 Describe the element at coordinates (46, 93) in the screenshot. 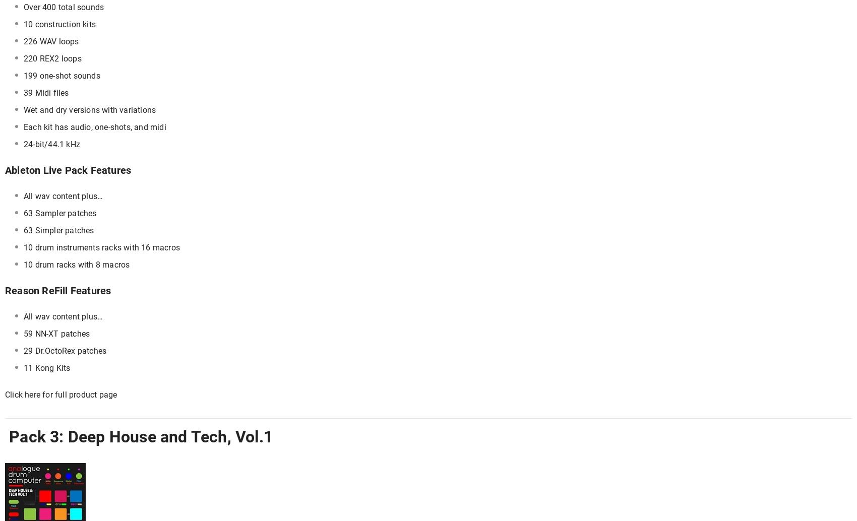

I see `'39 Midi files'` at that location.